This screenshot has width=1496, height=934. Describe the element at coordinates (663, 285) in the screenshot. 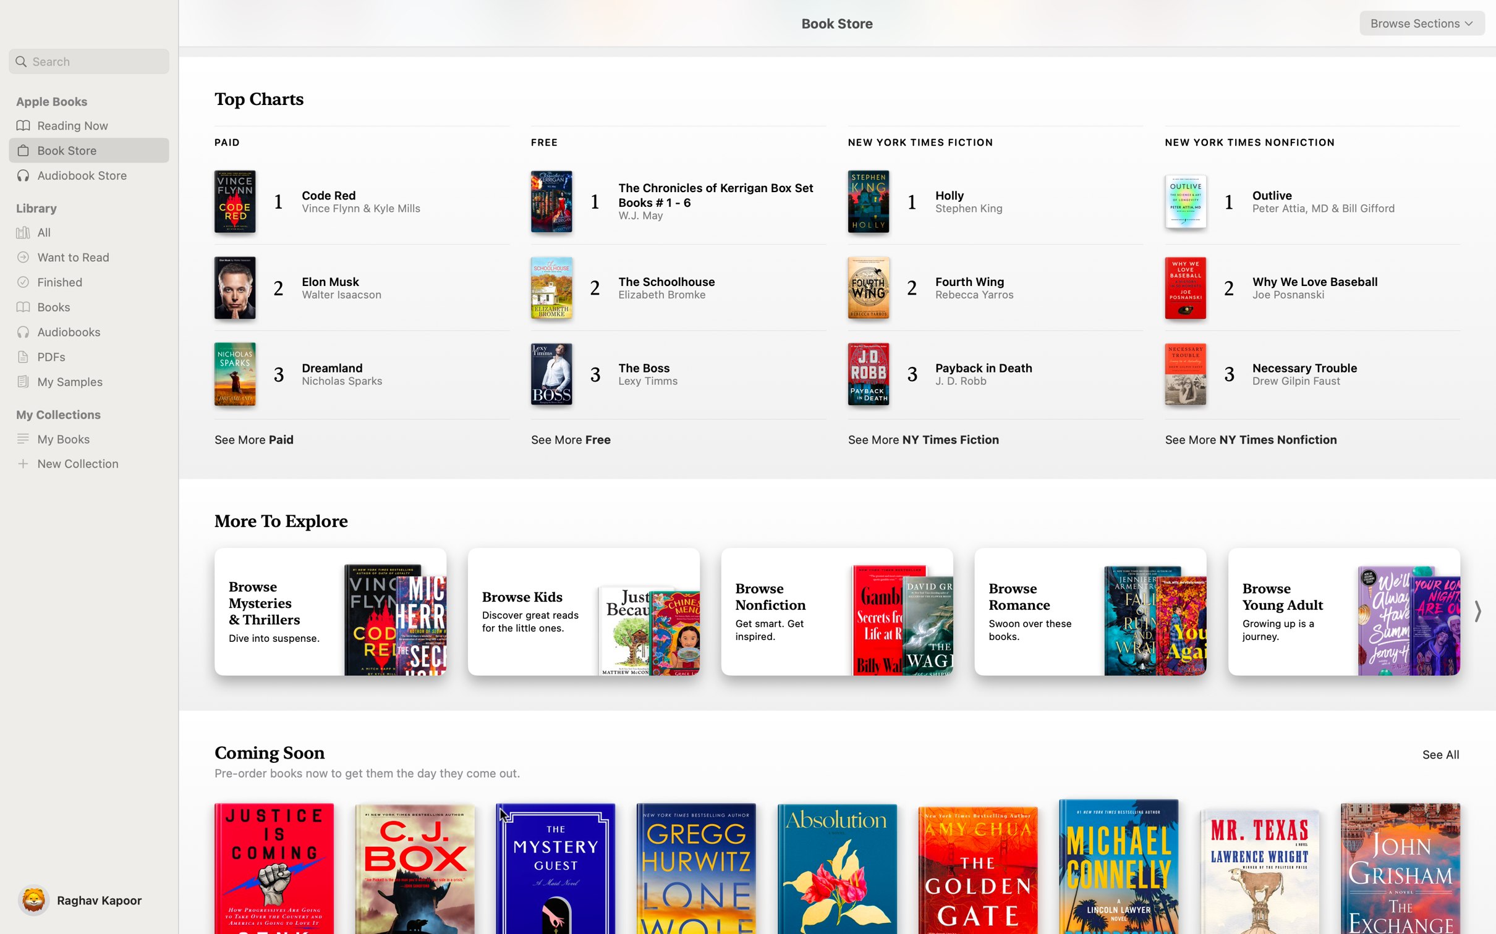

I see `"The Schoolhouse" from the Top Charts screen` at that location.